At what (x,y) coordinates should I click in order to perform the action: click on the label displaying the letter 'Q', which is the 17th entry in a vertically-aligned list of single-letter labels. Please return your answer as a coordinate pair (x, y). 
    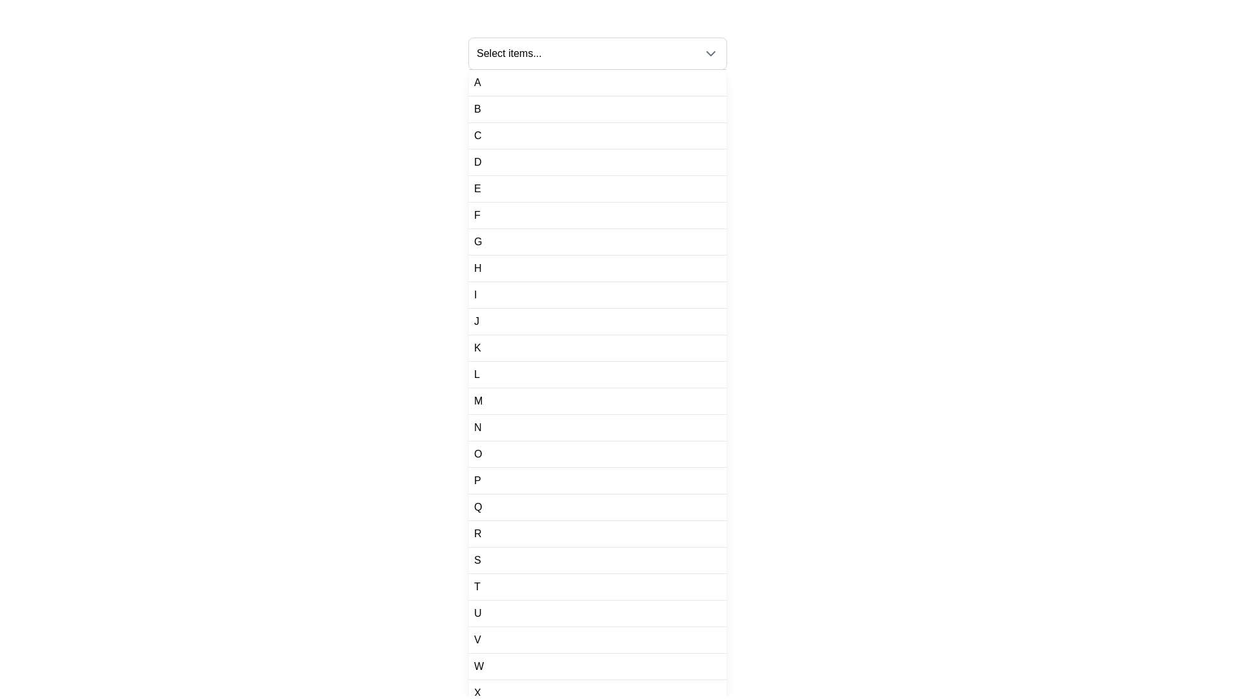
    Looking at the image, I should click on (477, 506).